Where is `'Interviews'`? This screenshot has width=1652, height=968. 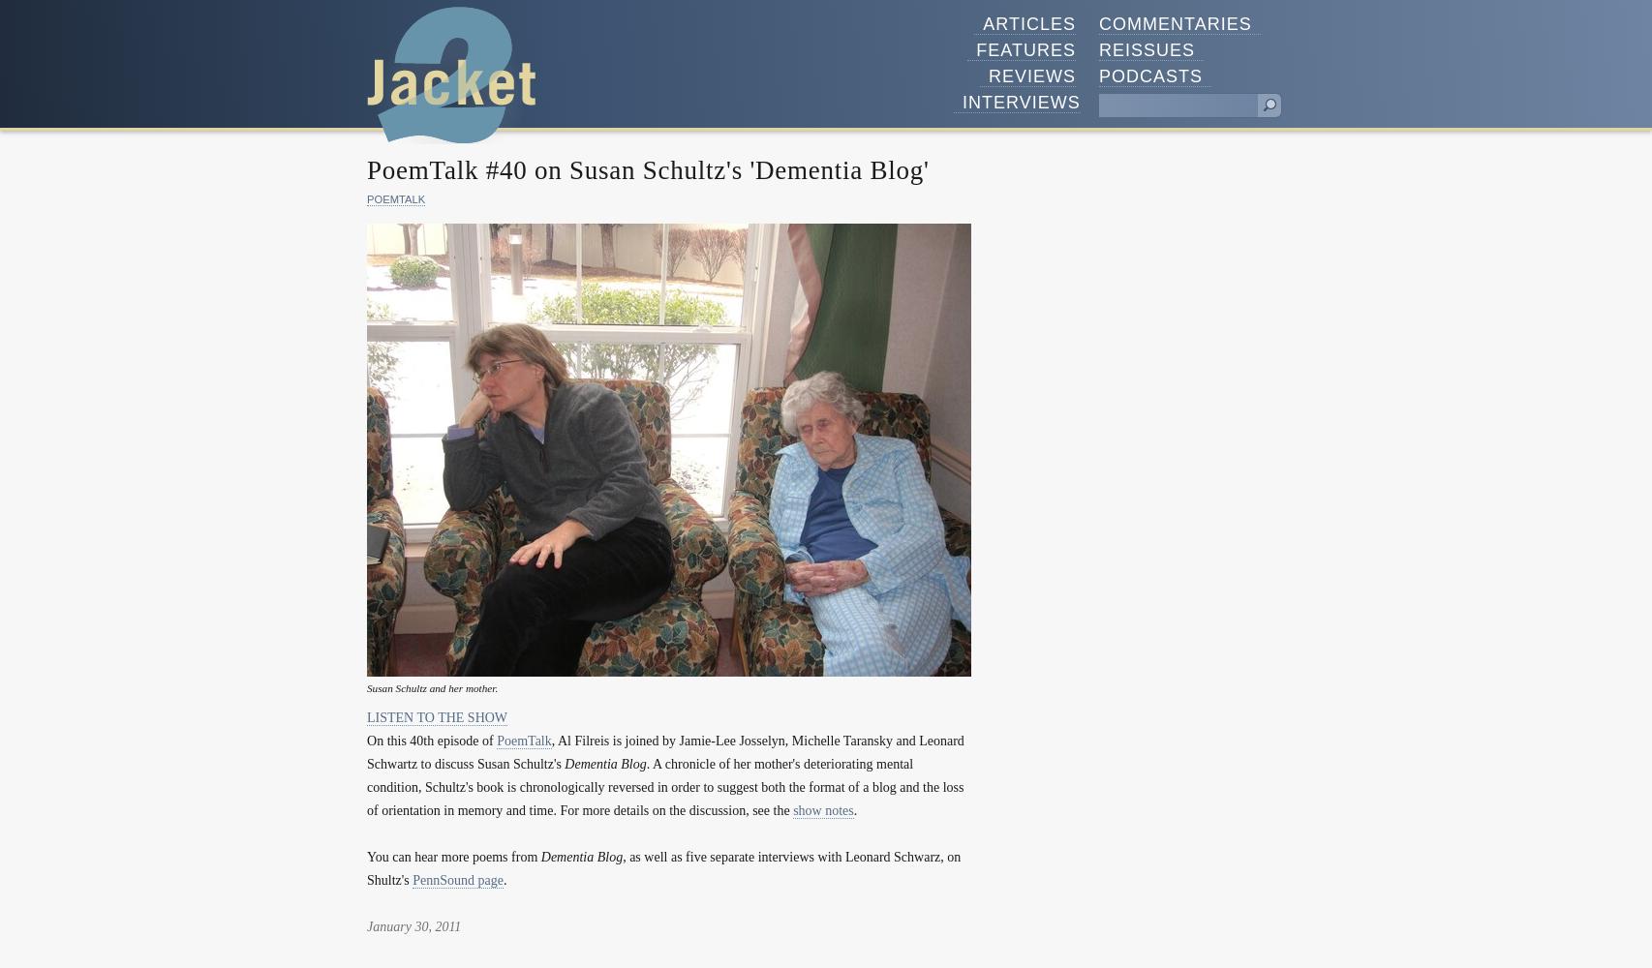 'Interviews' is located at coordinates (1021, 101).